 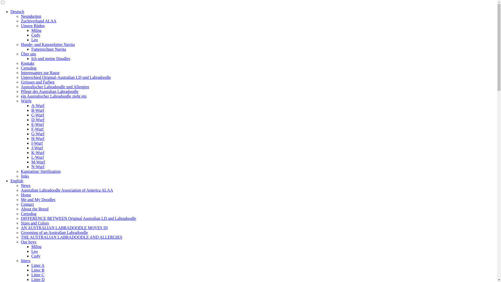 What do you see at coordinates (25, 185) in the screenshot?
I see `'News'` at bounding box center [25, 185].